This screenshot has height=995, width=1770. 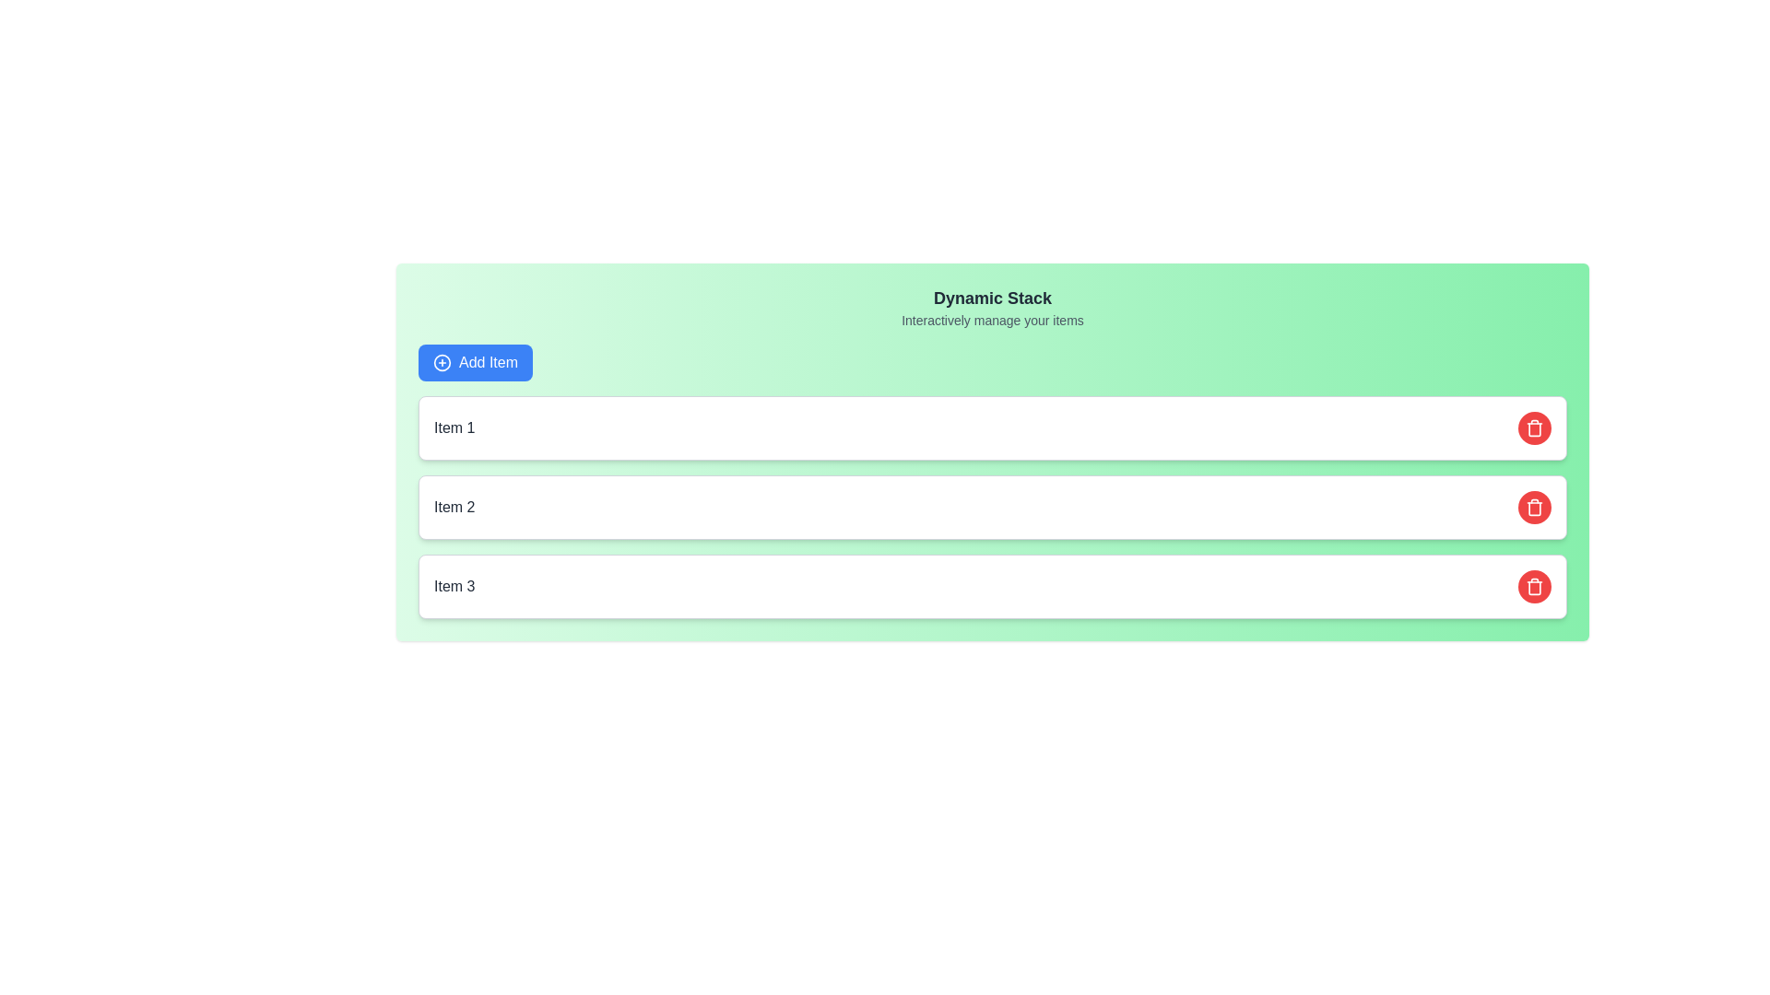 What do you see at coordinates (476, 362) in the screenshot?
I see `the blue button with white text 'Add Item' and a circular plus icon` at bounding box center [476, 362].